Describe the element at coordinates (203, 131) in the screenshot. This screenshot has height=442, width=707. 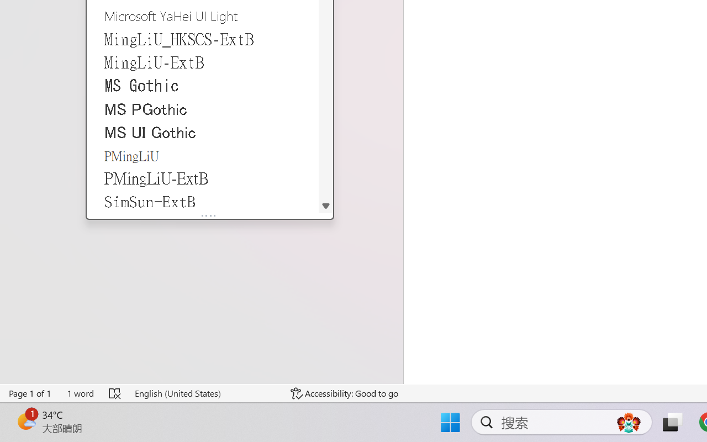
I see `'MS UI Gothic'` at that location.